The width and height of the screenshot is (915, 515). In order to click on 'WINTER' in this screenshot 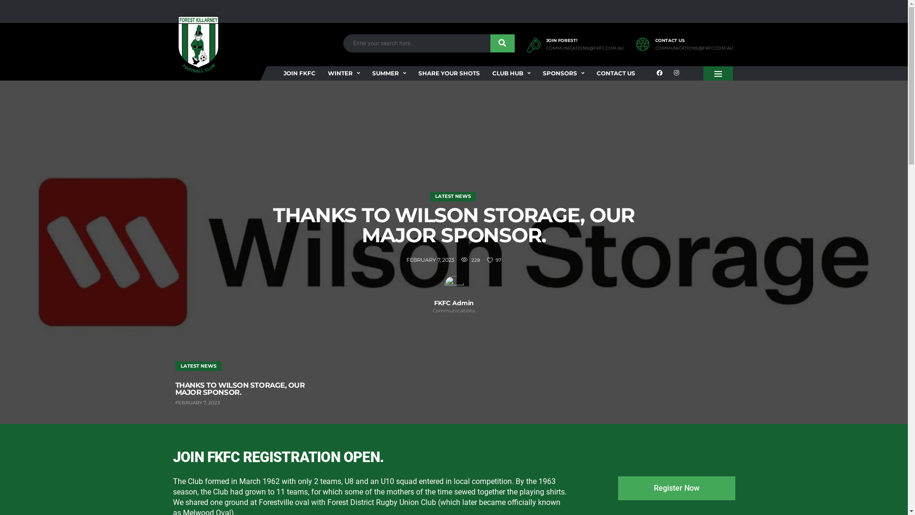, I will do `click(343, 73)`.